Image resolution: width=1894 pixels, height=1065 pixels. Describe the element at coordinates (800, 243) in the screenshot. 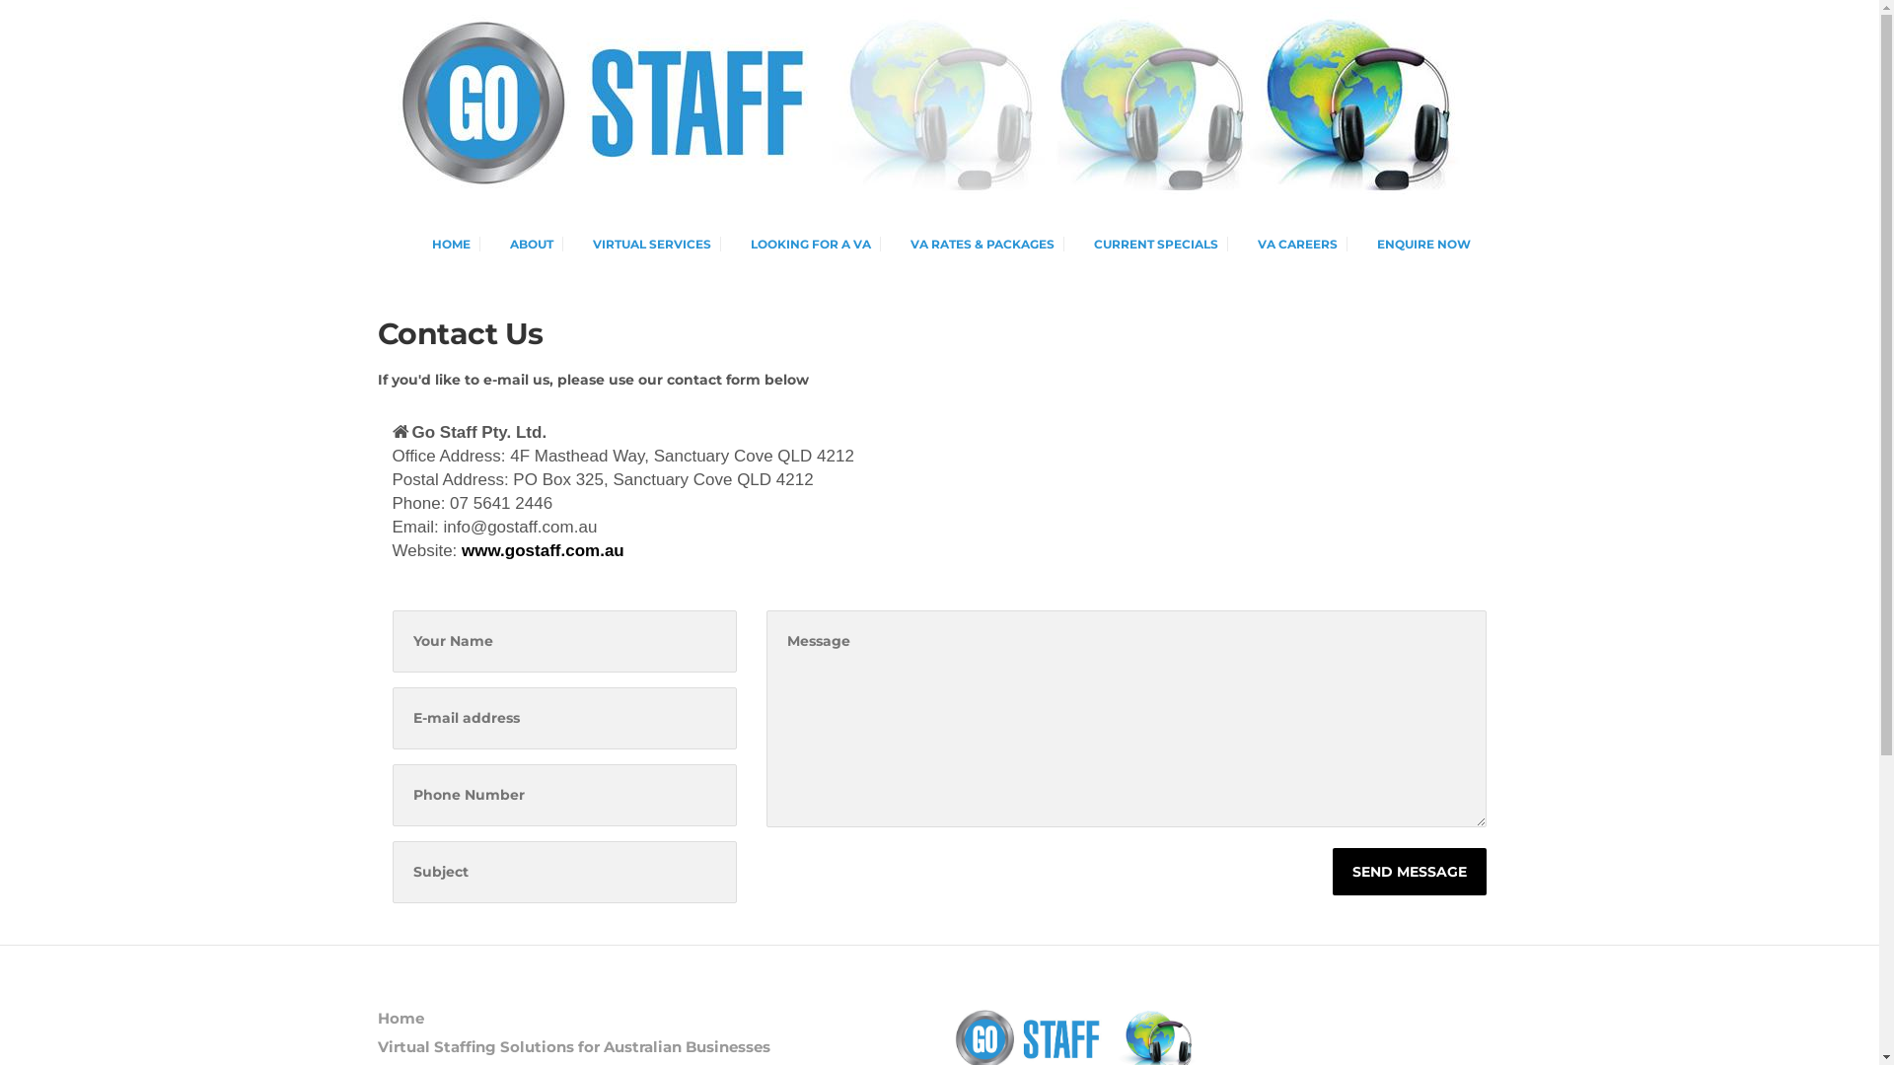

I see `'LOOKING FOR A VA'` at that location.